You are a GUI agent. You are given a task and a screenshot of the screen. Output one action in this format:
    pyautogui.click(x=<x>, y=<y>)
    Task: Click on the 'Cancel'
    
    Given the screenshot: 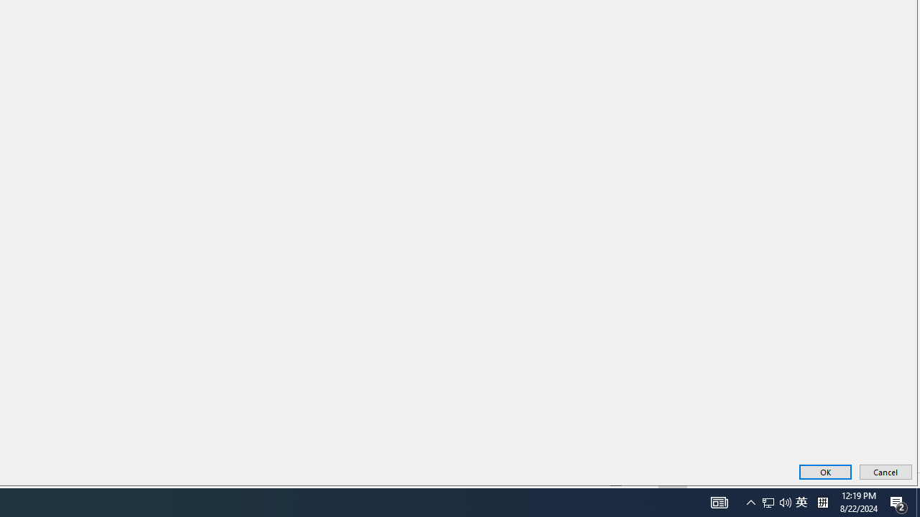 What is the action you would take?
    pyautogui.click(x=885, y=472)
    